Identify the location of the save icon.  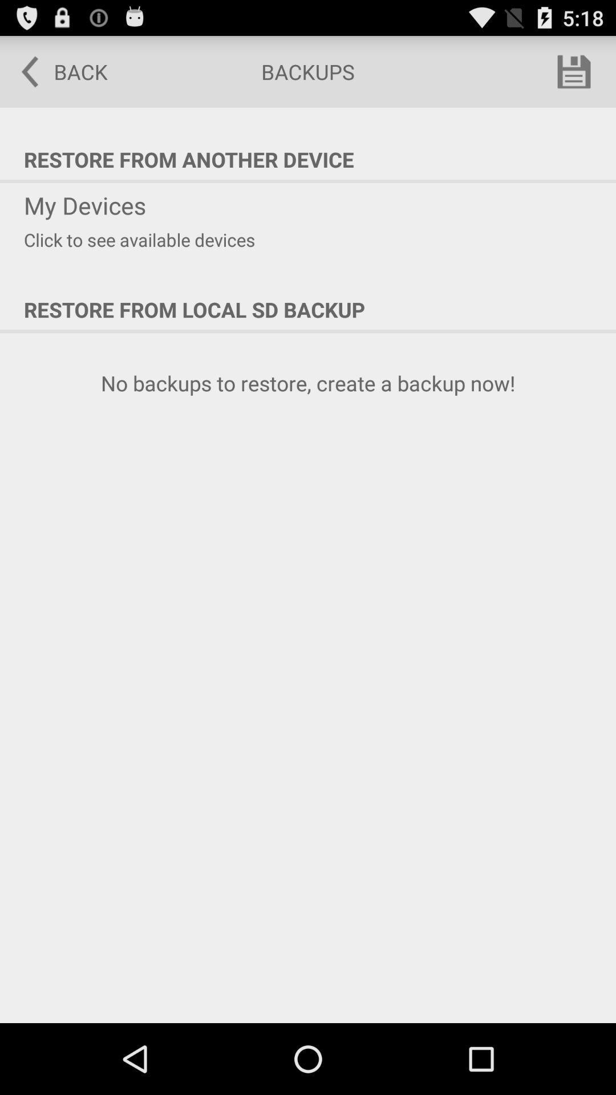
(574, 76).